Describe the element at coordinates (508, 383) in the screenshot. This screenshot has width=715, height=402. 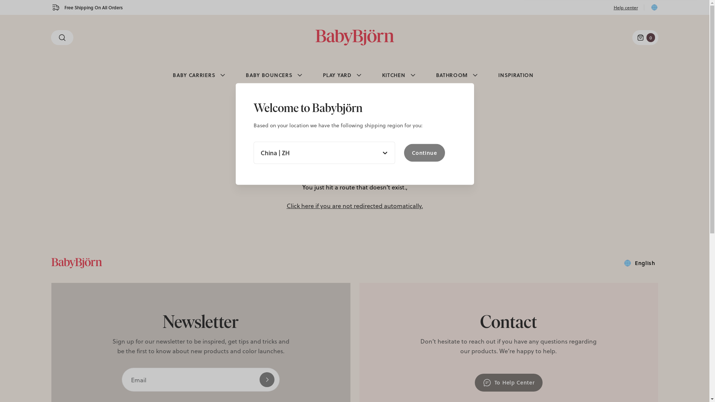
I see `'To Help Center'` at that location.